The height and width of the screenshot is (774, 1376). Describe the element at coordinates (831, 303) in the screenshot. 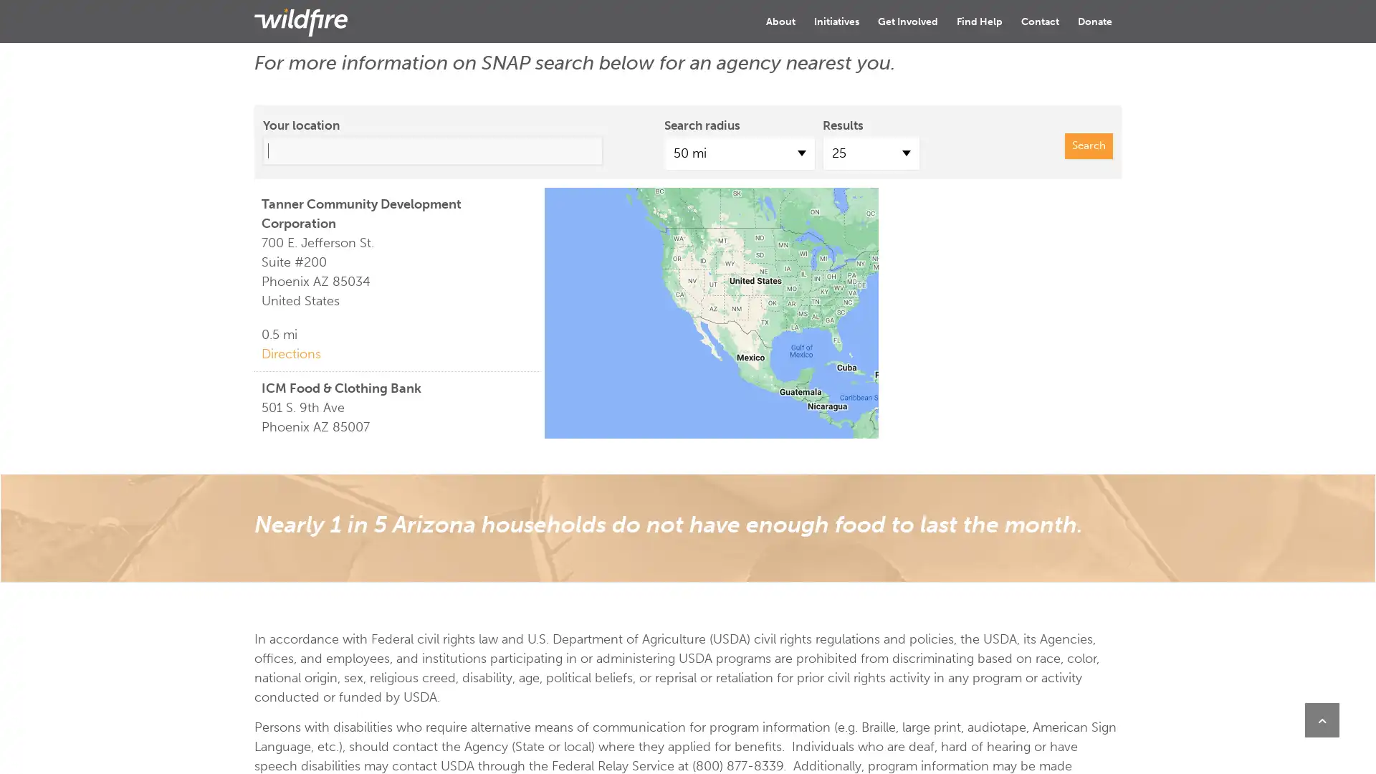

I see `Tanner Community Development Corporation` at that location.